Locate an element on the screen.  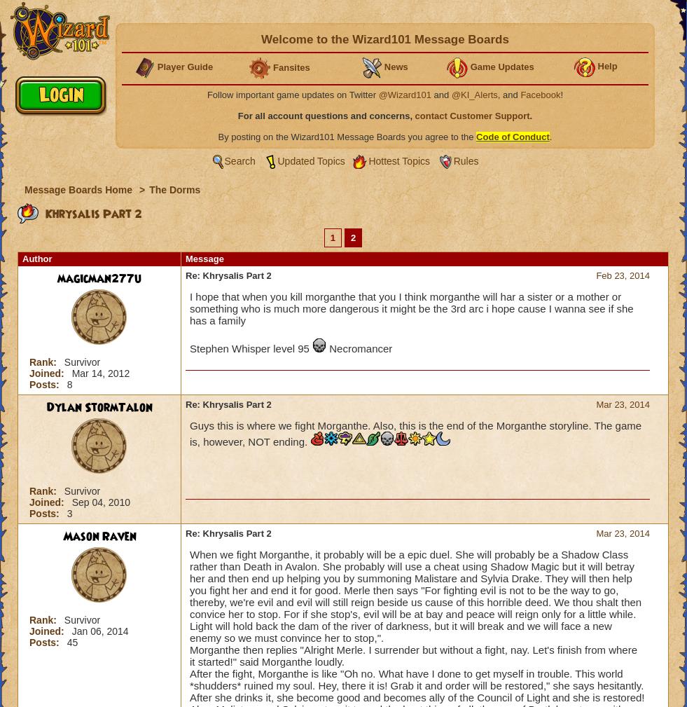
'Sep 04, 2010' is located at coordinates (71, 502).